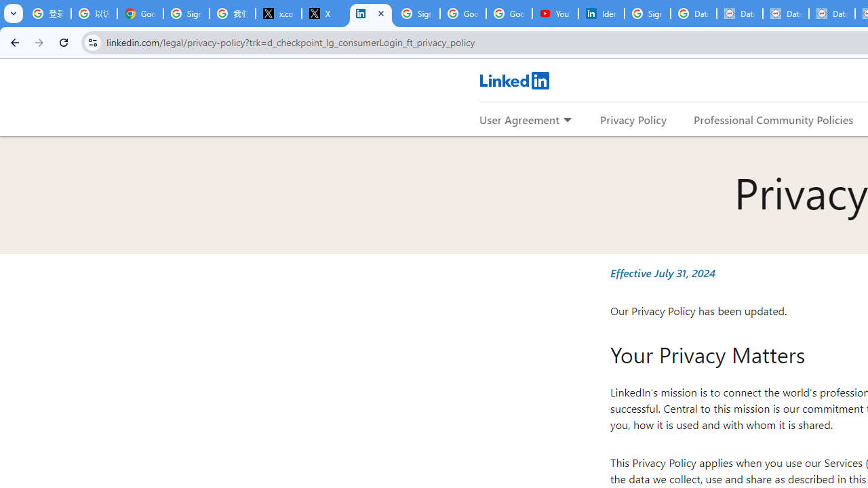  I want to click on 'Effective July 31, 2024', so click(663, 272).